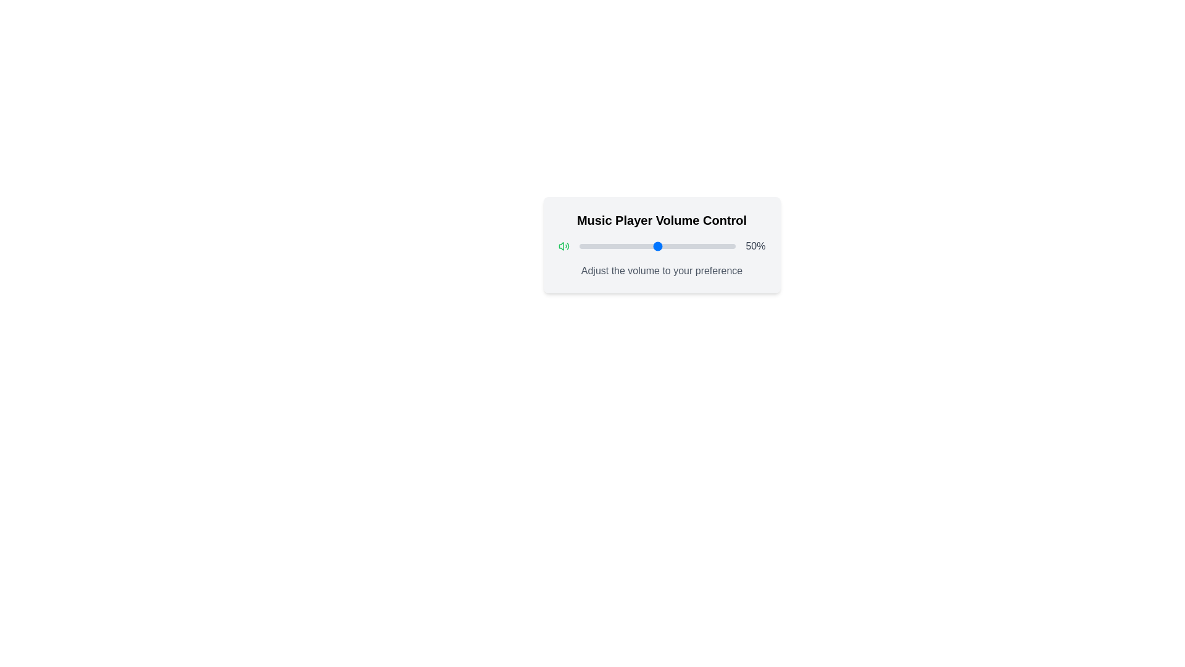 The width and height of the screenshot is (1185, 667). I want to click on the volume slider to 64%, so click(679, 246).